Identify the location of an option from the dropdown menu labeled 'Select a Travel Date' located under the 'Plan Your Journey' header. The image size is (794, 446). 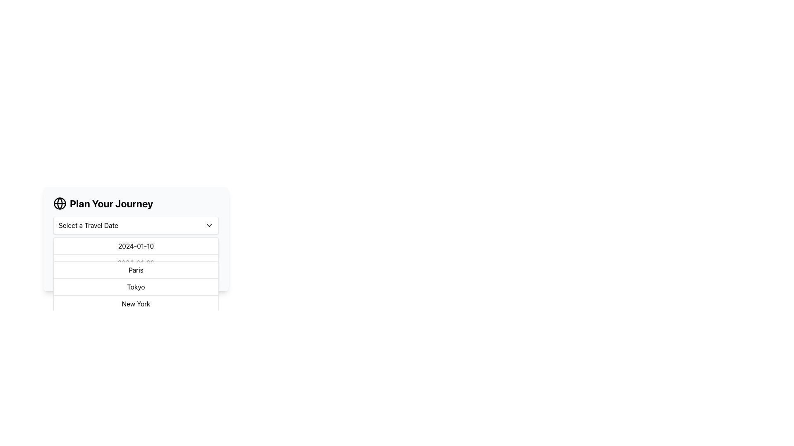
(136, 225).